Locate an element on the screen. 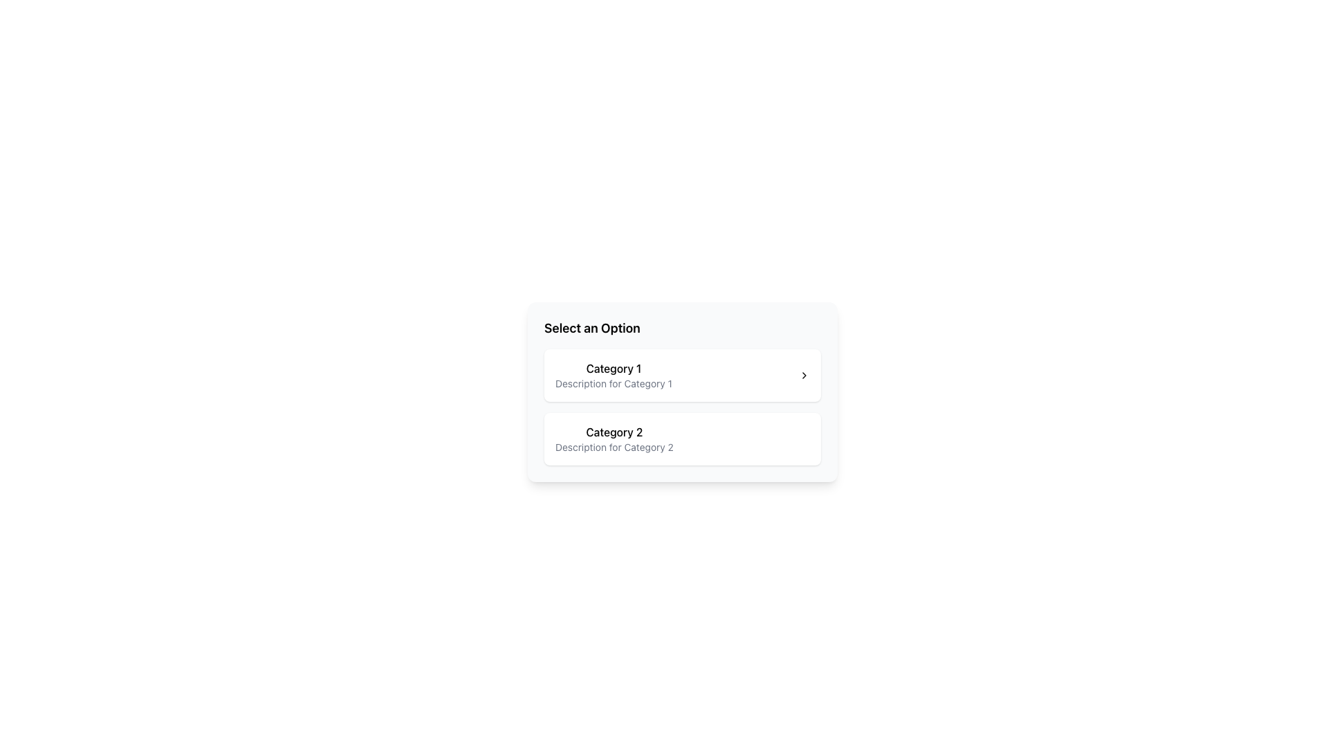 The width and height of the screenshot is (1328, 747). the clickable list item labeled 'Category 1' is located at coordinates (683, 376).